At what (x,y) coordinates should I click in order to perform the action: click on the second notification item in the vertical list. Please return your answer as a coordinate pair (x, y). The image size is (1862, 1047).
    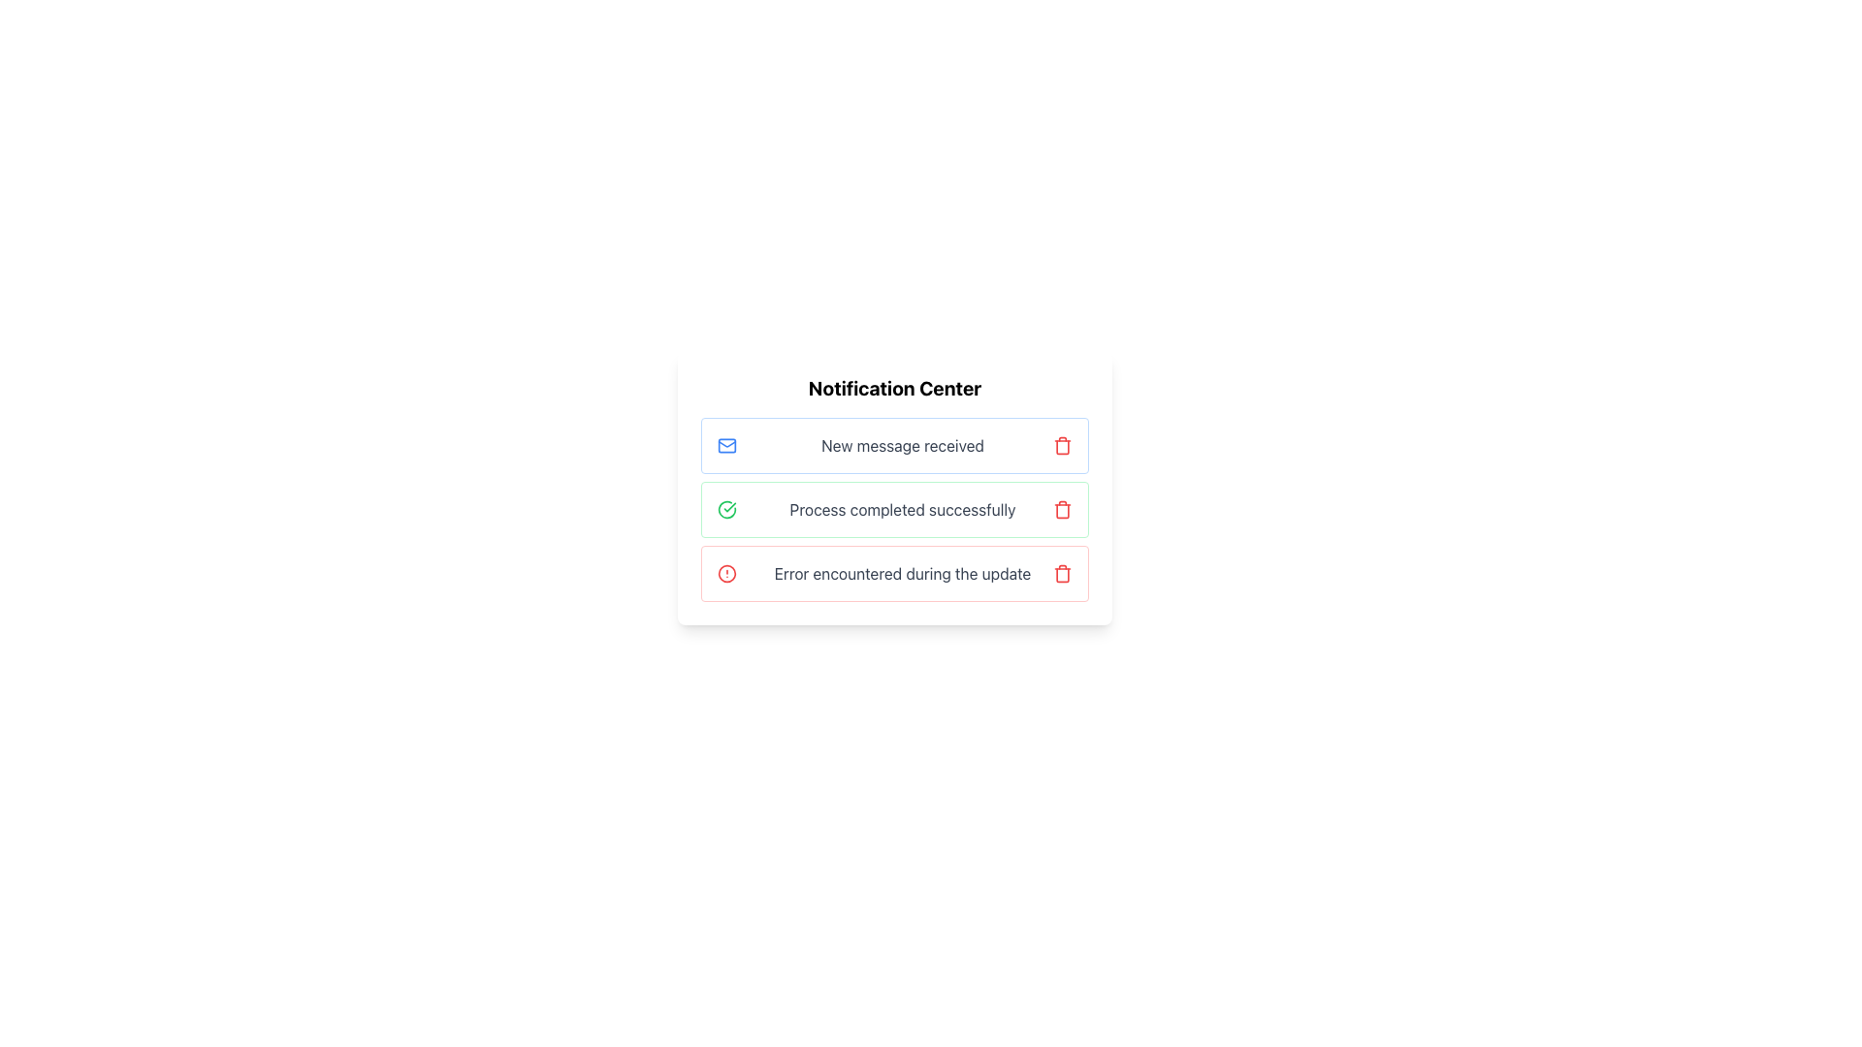
    Looking at the image, I should click on (893, 508).